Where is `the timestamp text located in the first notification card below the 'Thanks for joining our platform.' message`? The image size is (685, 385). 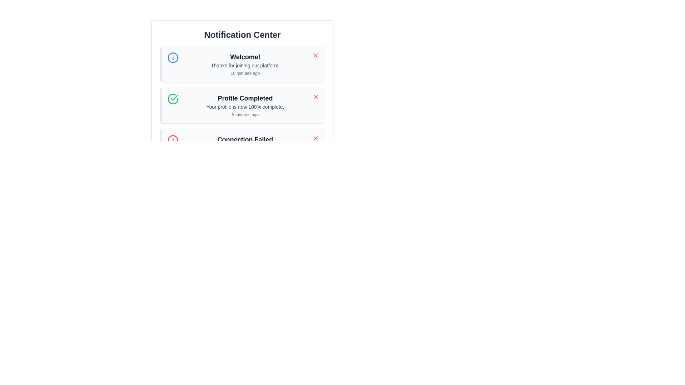
the timestamp text located in the first notification card below the 'Thanks for joining our platform.' message is located at coordinates (245, 73).